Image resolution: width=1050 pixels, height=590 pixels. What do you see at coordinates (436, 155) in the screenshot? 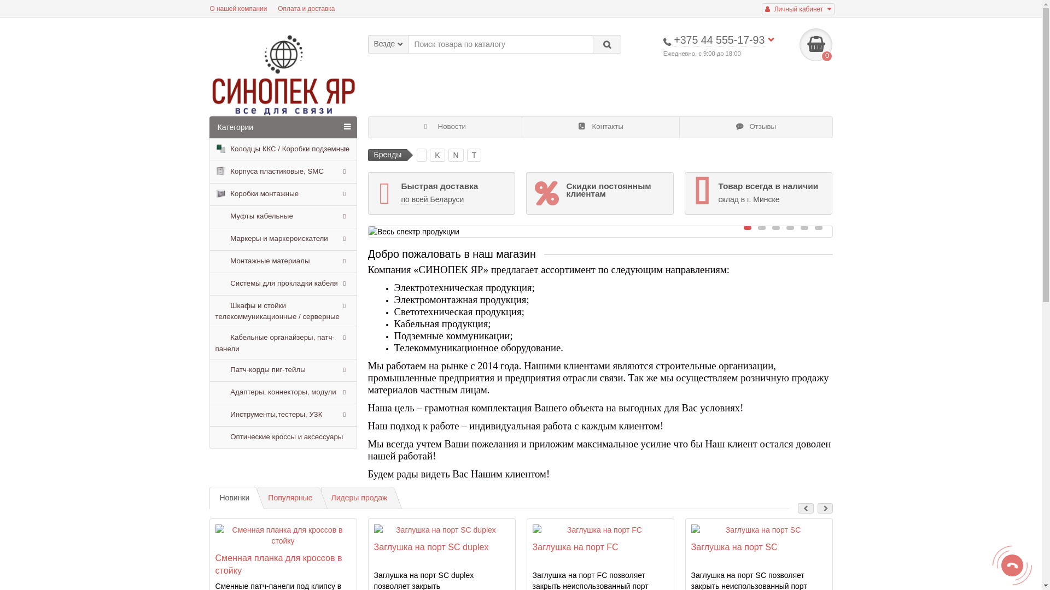
I see `'K'` at bounding box center [436, 155].